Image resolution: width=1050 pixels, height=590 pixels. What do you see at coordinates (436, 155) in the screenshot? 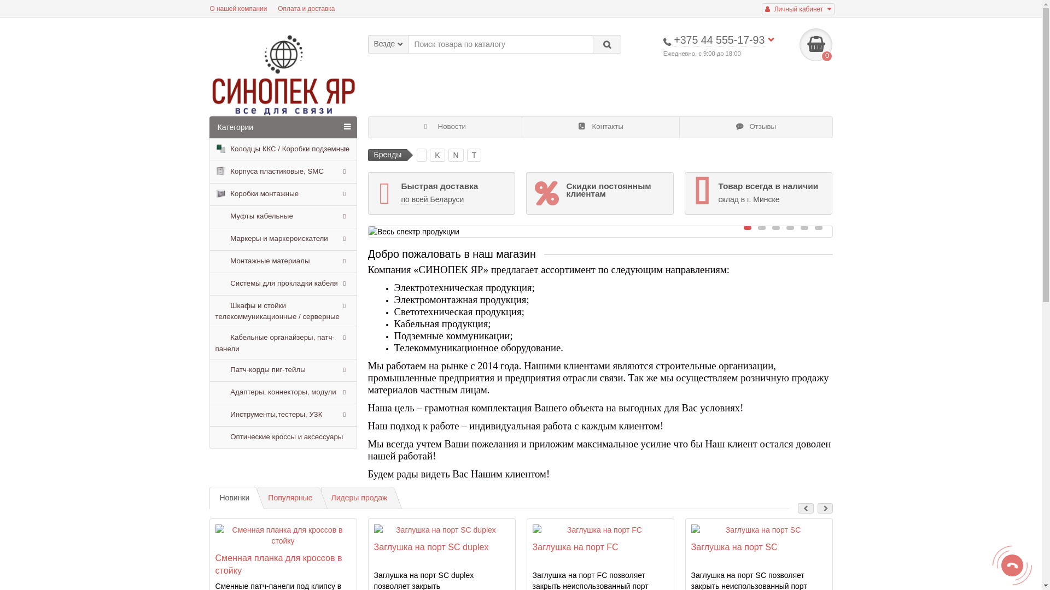
I see `'K'` at bounding box center [436, 155].